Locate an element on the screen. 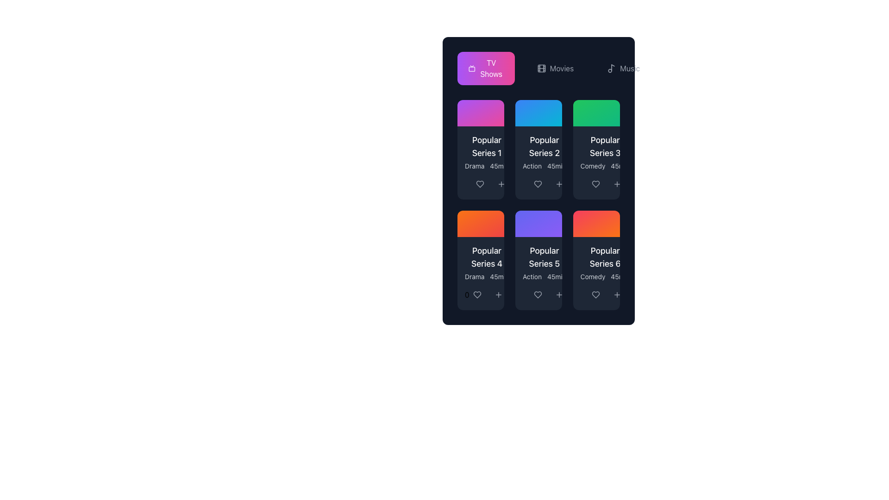 Image resolution: width=889 pixels, height=500 pixels. the third button in the horizontal arrangement for 'Popular Series 6' located at the bottom-right of the card is located at coordinates (617, 294).